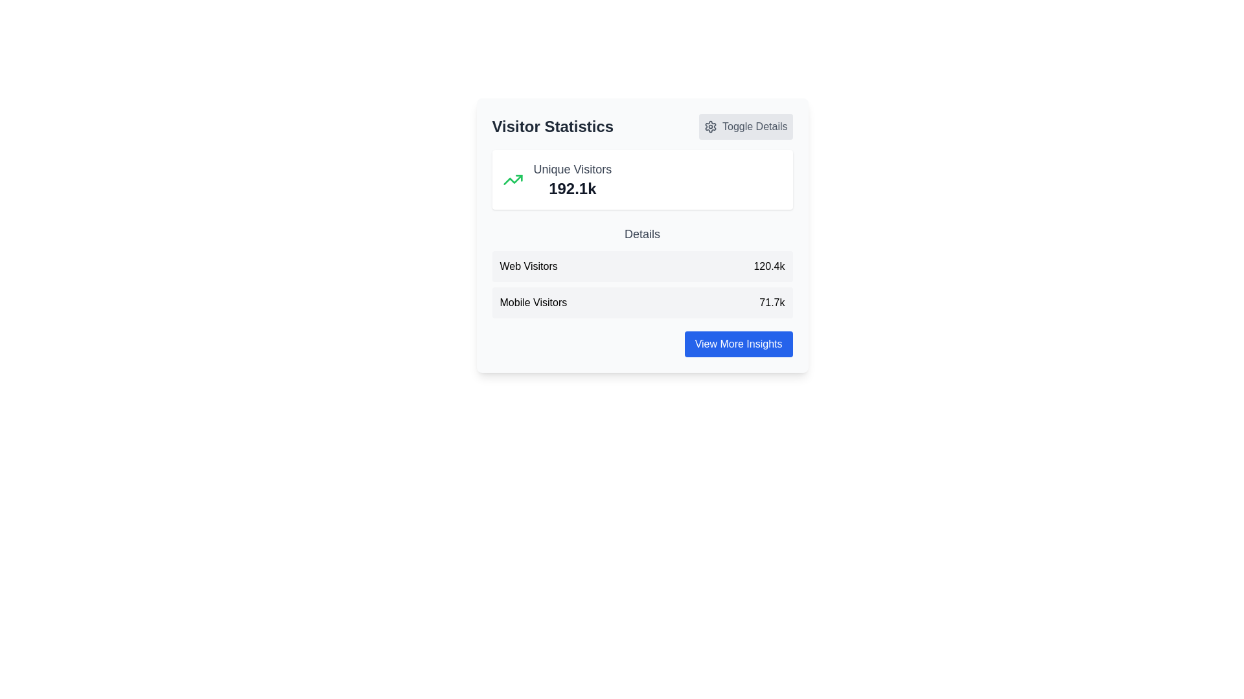  I want to click on textual information display that shows 'Unique Visitors' and '192.1k' located in the 'Visitor Statistics' section, so click(571, 179).